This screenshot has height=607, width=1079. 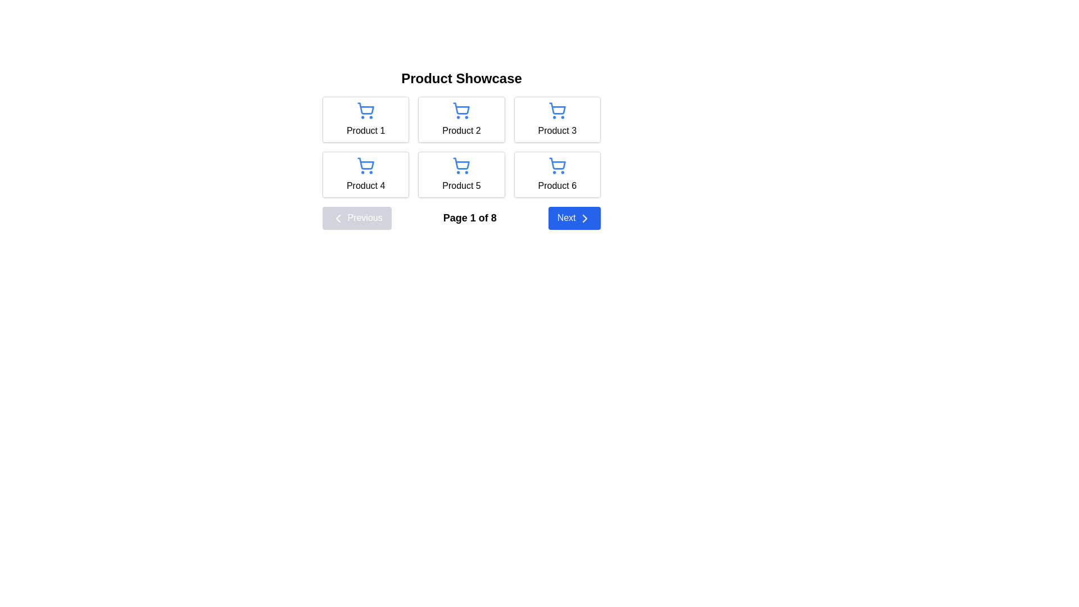 What do you see at coordinates (461, 110) in the screenshot?
I see `the blue shopping cart icon located in the card labeled 'Product 2', positioned in the top middle of the grid layout` at bounding box center [461, 110].